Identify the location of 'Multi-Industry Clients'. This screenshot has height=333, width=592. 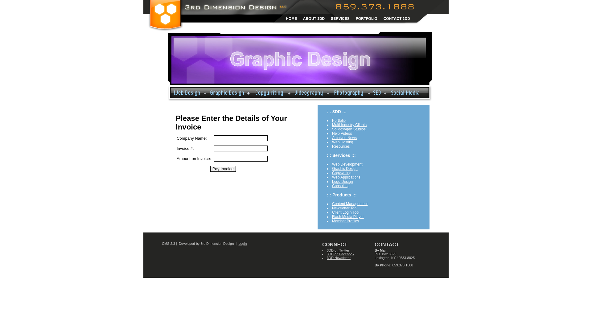
(349, 125).